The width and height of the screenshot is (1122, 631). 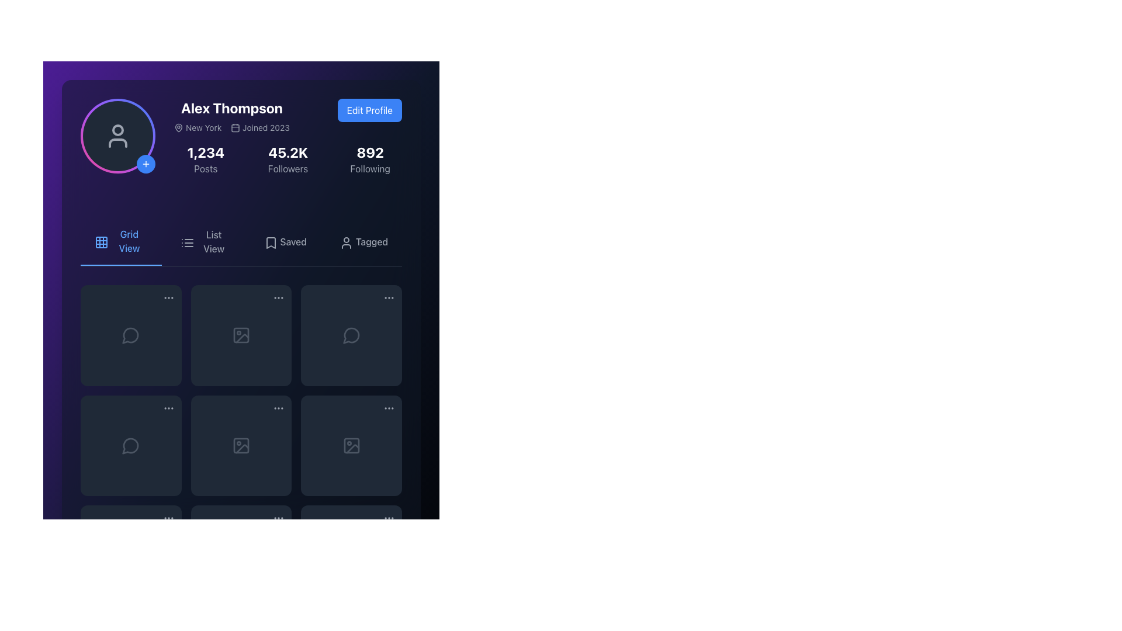 I want to click on the descriptive label with icons located below the 'Alex Thompson' name title, which conveys user-related information about the user's location and the year they joined the platform, so click(x=232, y=128).